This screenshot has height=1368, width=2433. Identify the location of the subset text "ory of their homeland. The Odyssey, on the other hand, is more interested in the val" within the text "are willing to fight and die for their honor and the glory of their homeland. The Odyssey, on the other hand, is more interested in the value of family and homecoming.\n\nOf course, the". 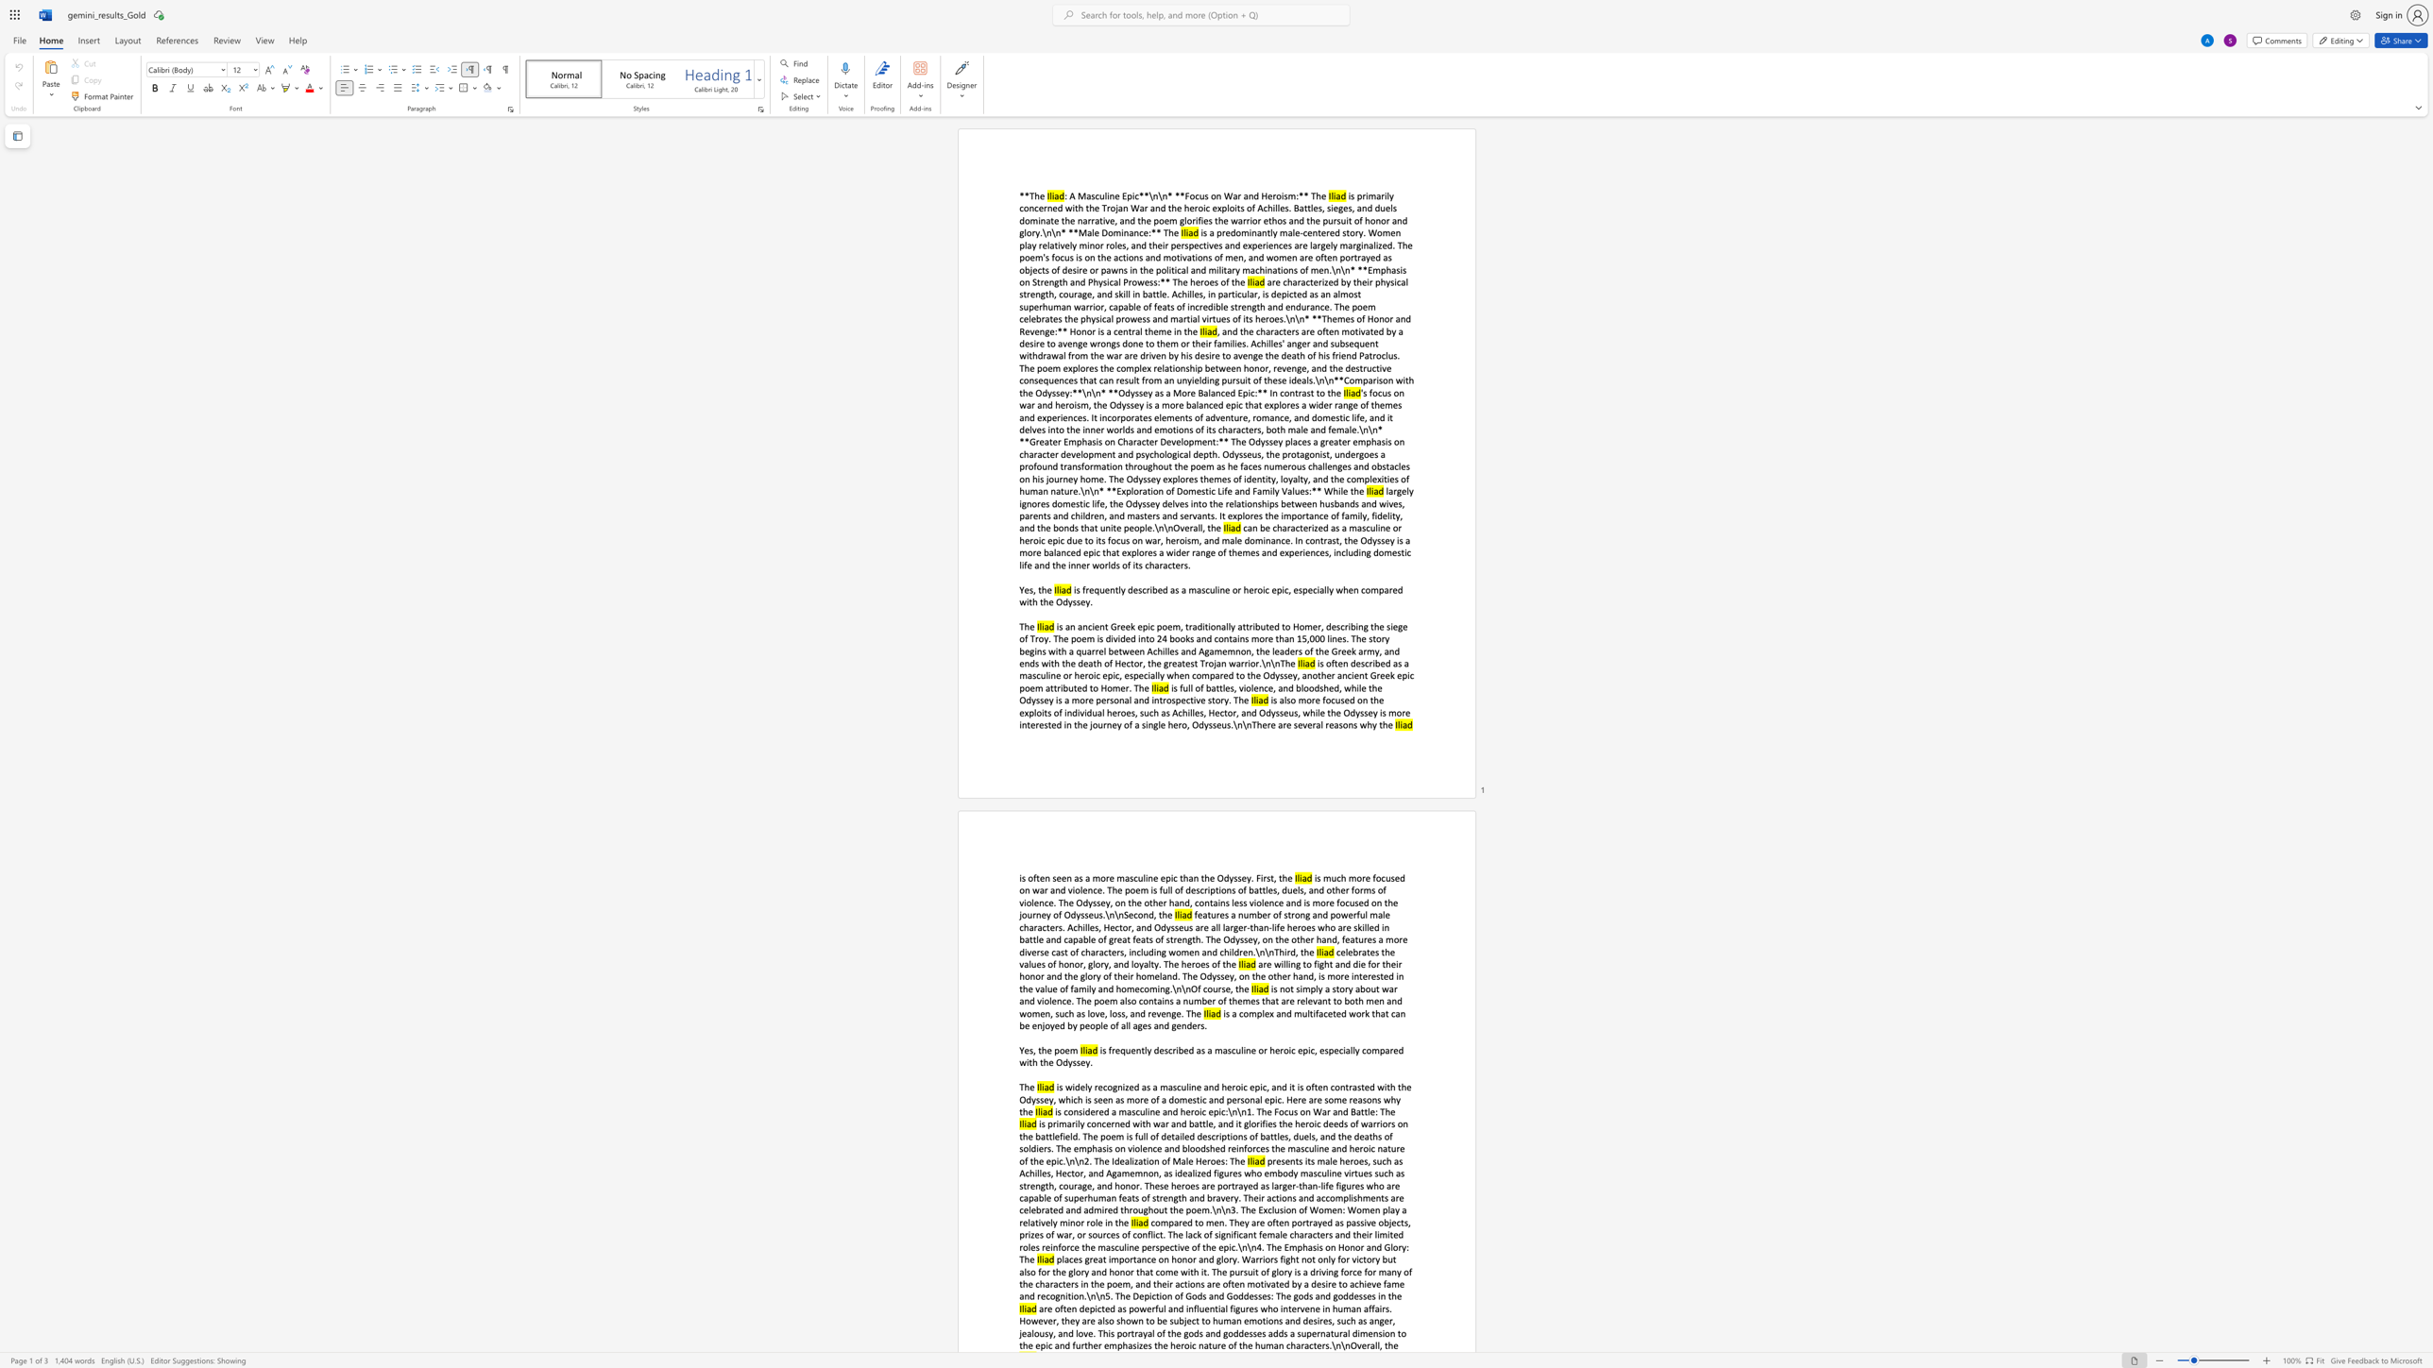
(1086, 976).